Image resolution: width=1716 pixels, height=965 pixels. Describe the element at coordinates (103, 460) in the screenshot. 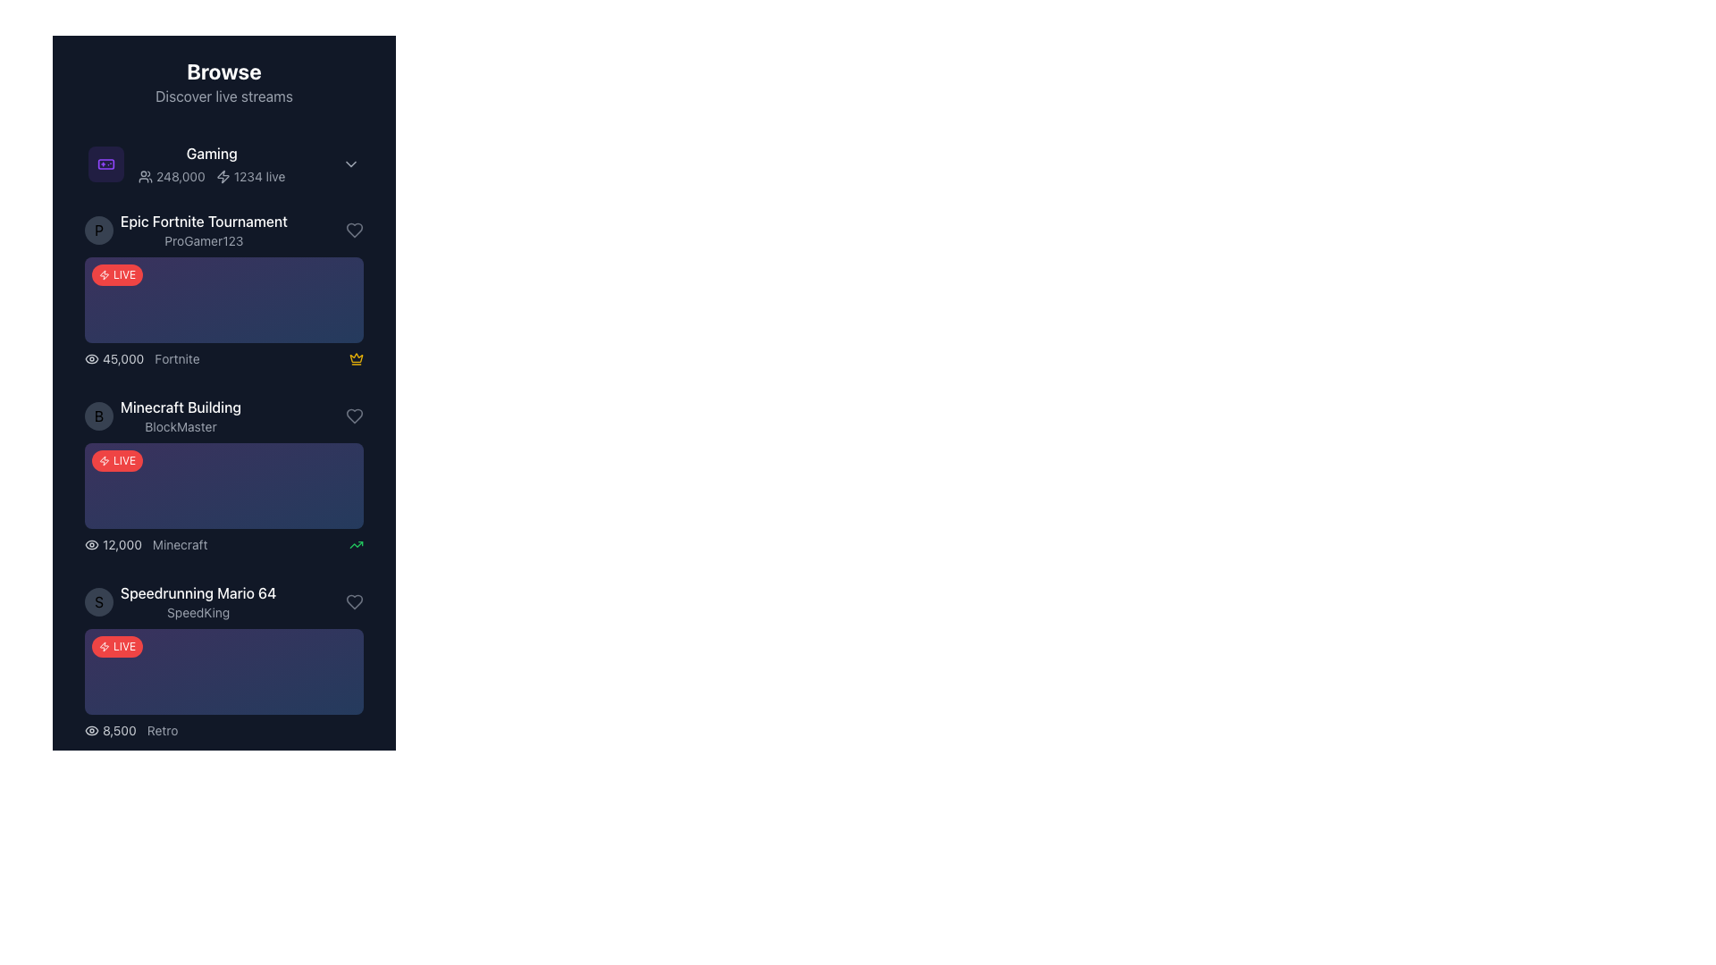

I see `the lightning bolt icon within the 'LIVE' badge, which is located near the left side of a card representing a live streaming session` at that location.